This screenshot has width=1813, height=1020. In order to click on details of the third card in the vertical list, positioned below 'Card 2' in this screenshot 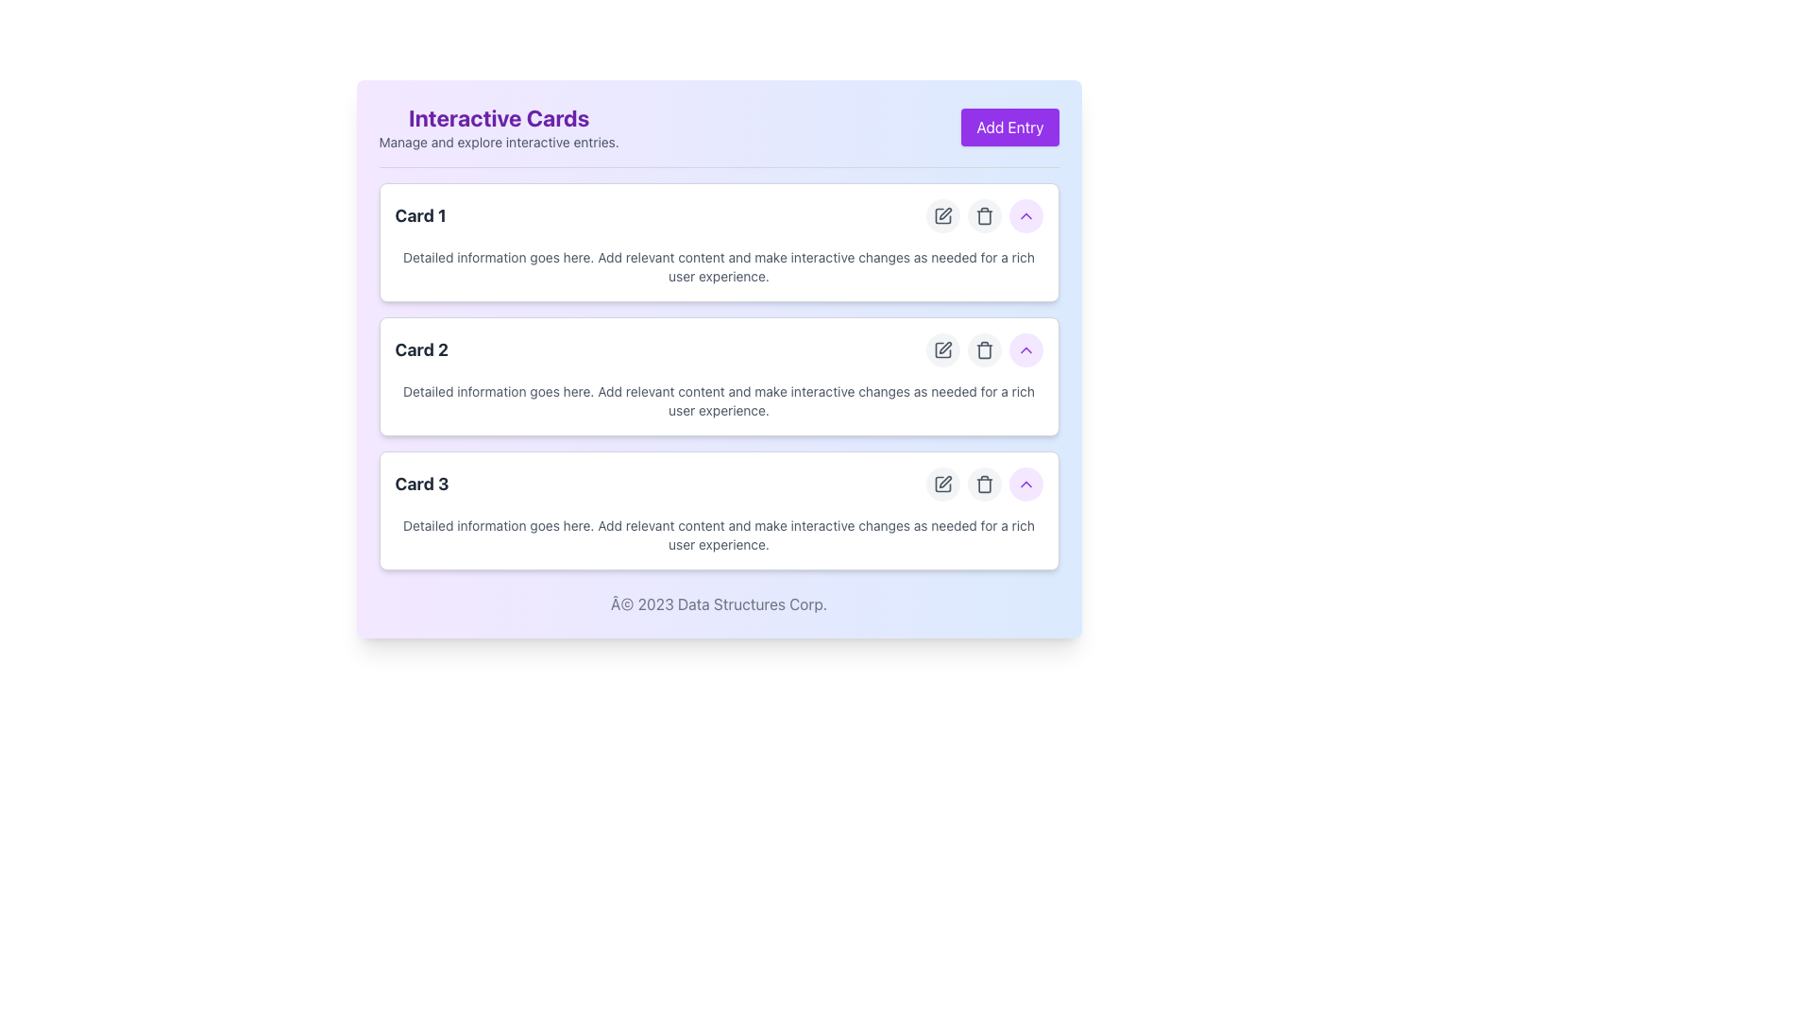, I will do `click(718, 510)`.